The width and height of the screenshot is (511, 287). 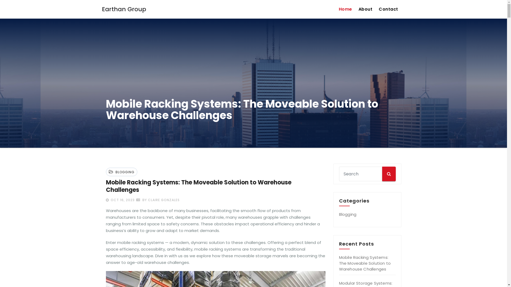 What do you see at coordinates (123, 9) in the screenshot?
I see `'Earthan Group'` at bounding box center [123, 9].